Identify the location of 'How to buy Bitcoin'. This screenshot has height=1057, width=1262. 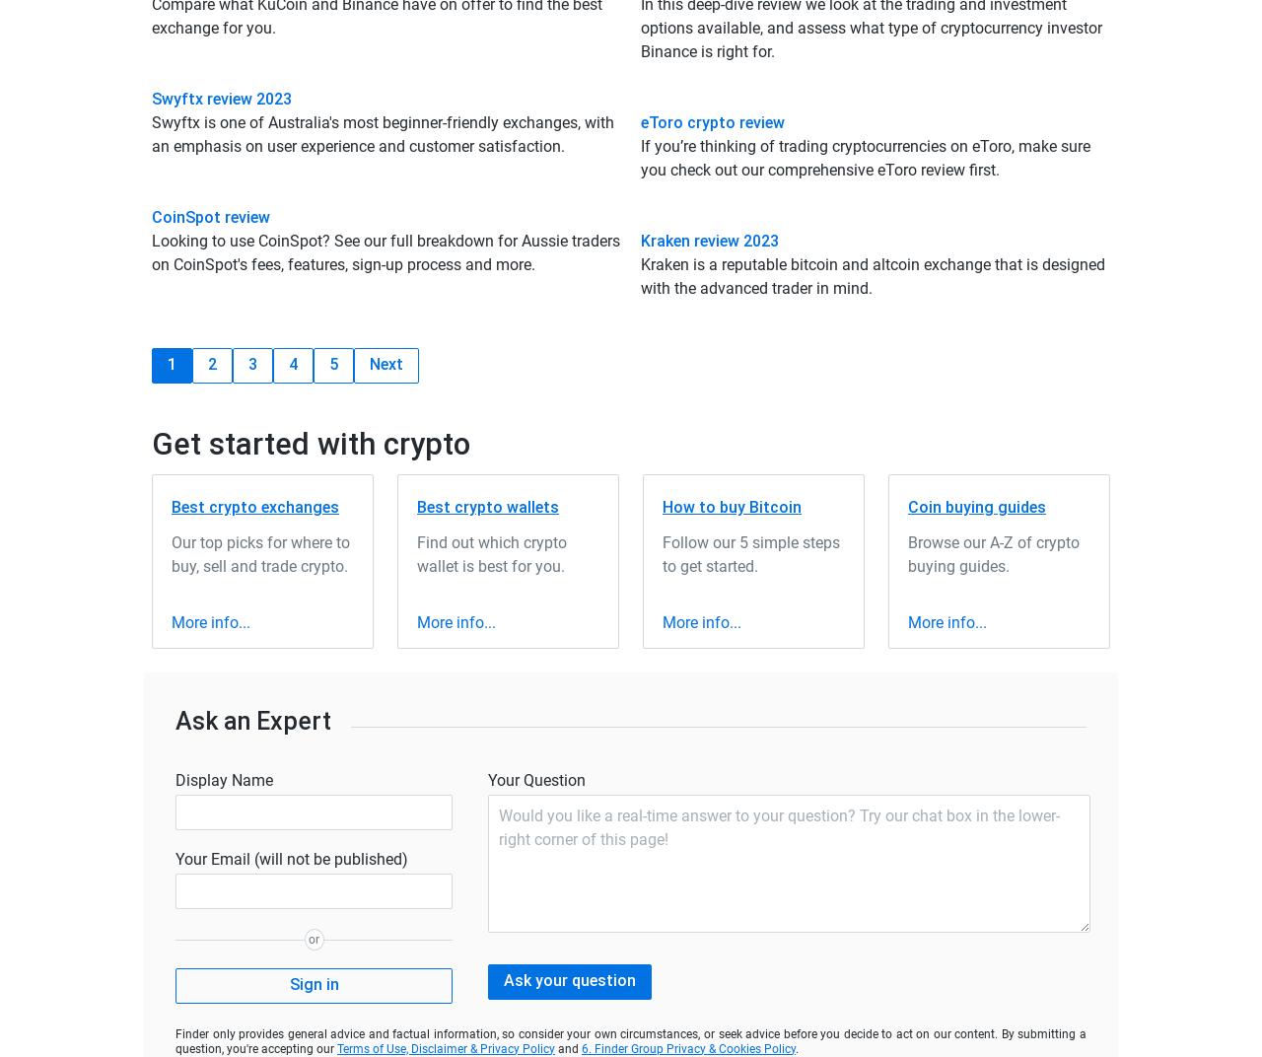
(731, 506).